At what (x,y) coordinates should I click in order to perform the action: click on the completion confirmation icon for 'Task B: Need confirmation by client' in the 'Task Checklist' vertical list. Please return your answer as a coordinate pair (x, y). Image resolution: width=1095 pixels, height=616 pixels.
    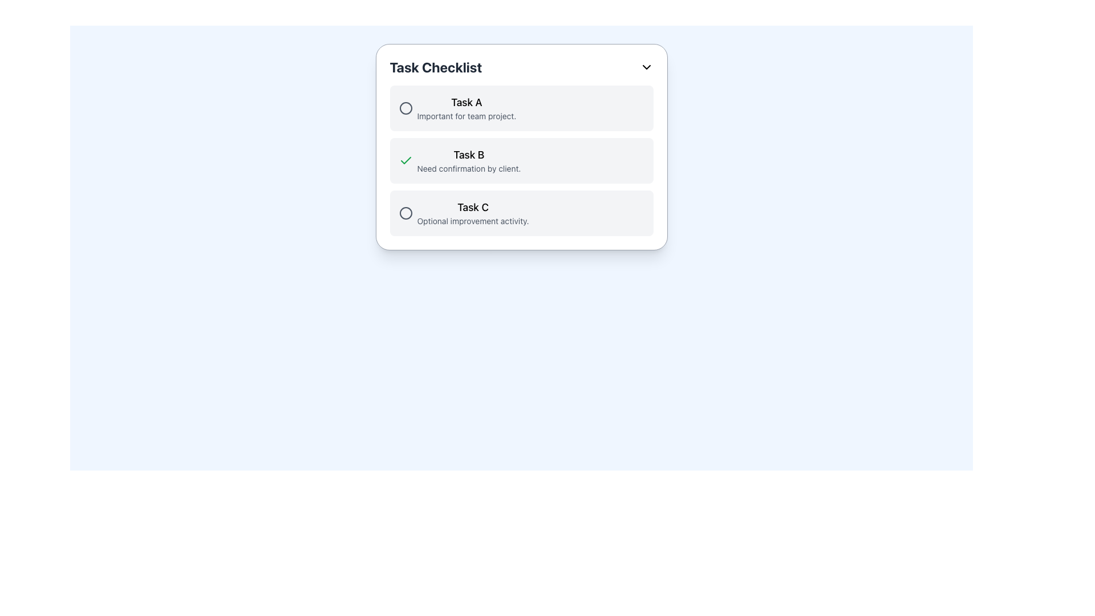
    Looking at the image, I should click on (405, 160).